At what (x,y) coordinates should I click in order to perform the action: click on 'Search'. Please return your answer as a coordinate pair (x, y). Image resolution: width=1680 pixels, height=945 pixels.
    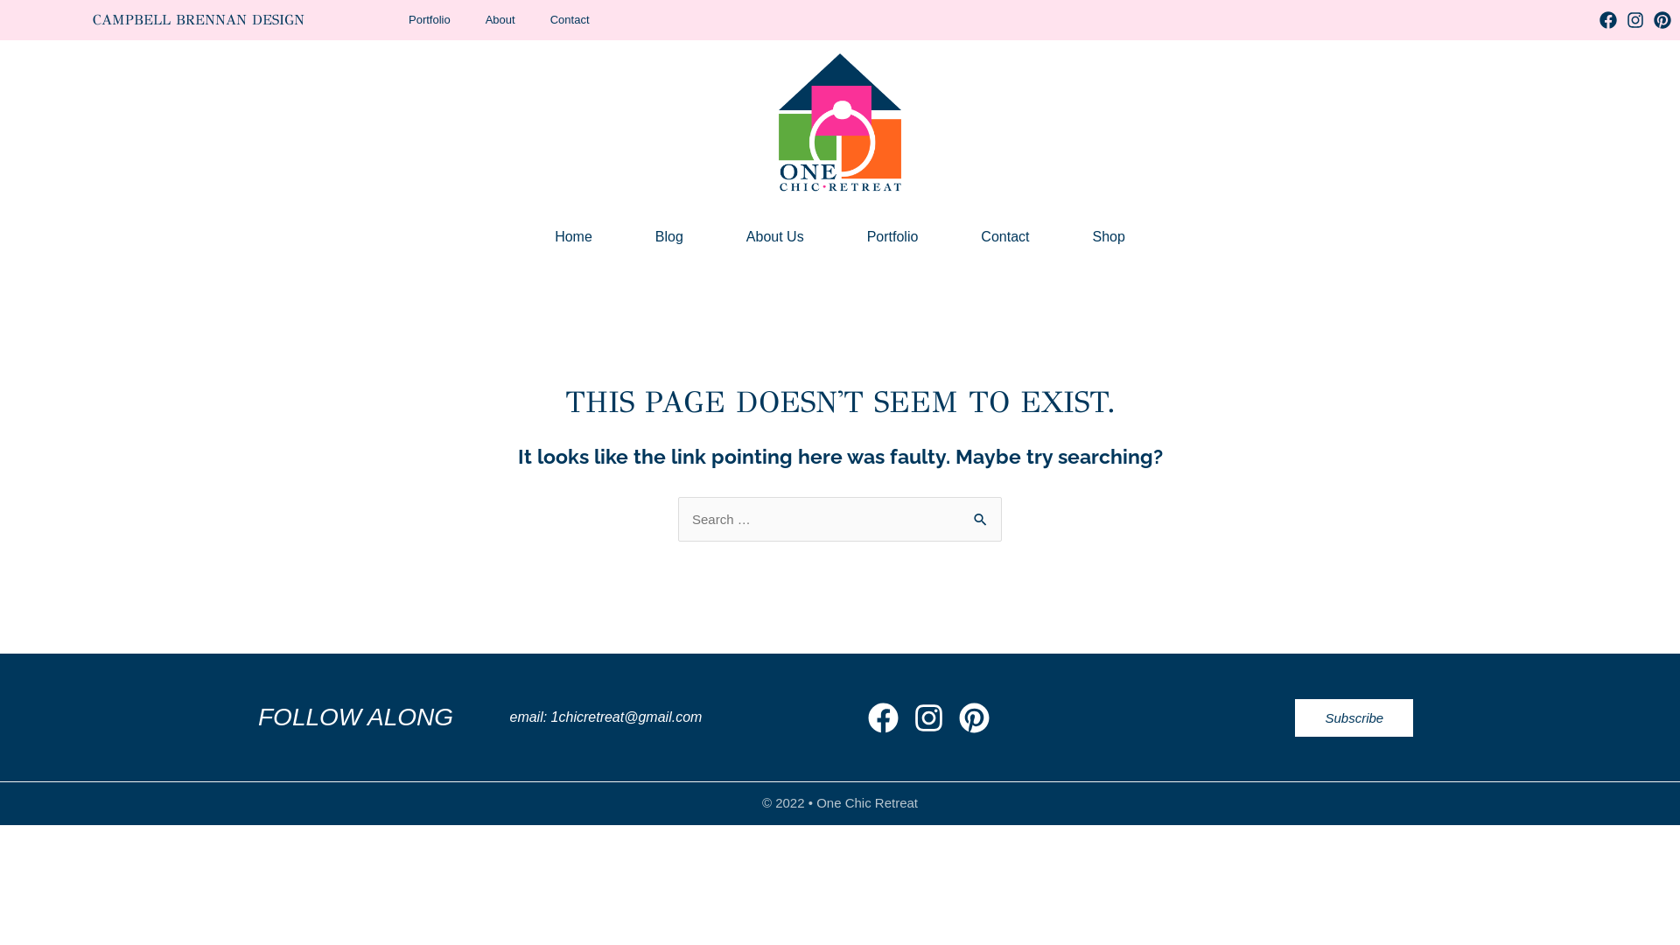
    Looking at the image, I should click on (982, 519).